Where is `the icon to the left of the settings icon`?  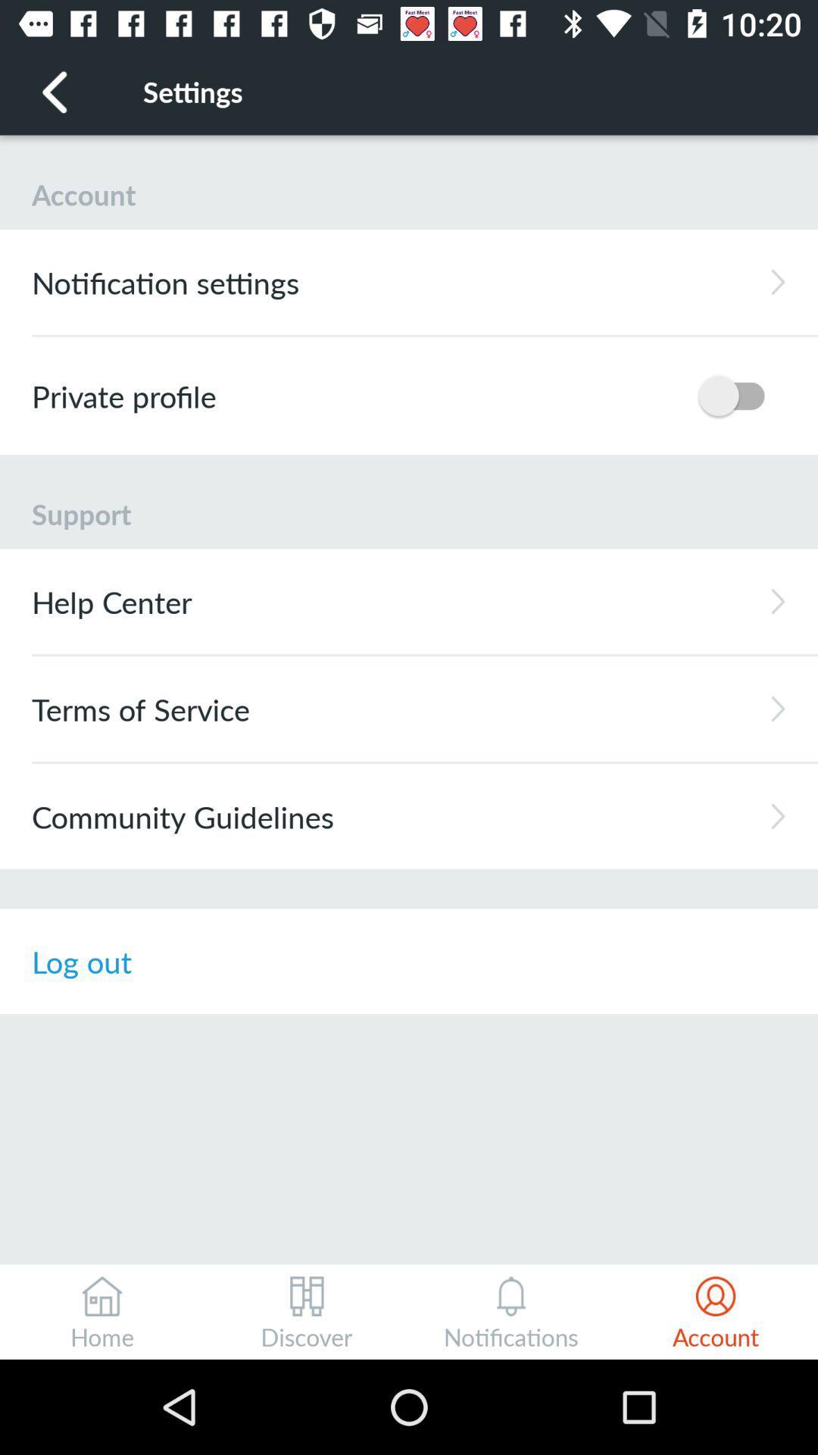
the icon to the left of the settings icon is located at coordinates (55, 90).